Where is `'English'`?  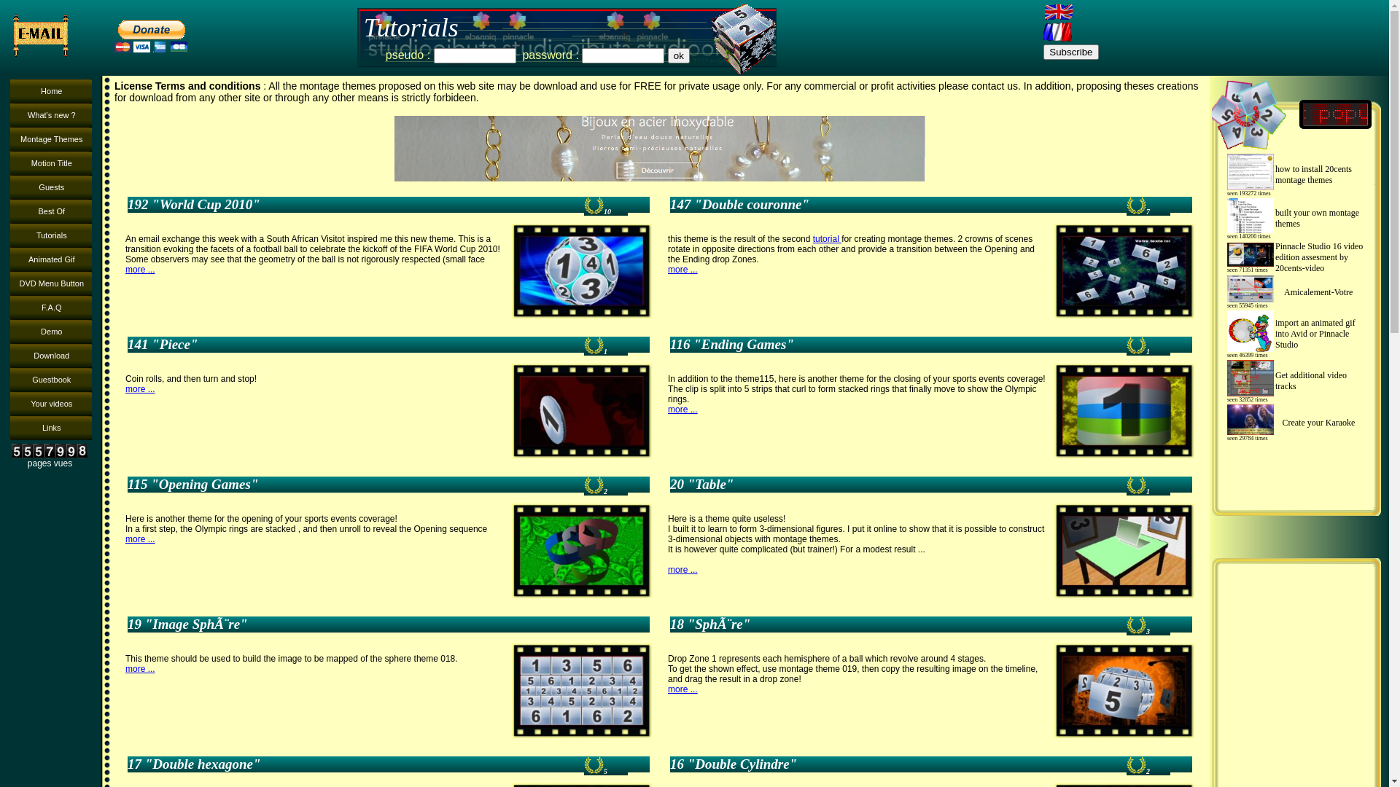
'English' is located at coordinates (1057, 12).